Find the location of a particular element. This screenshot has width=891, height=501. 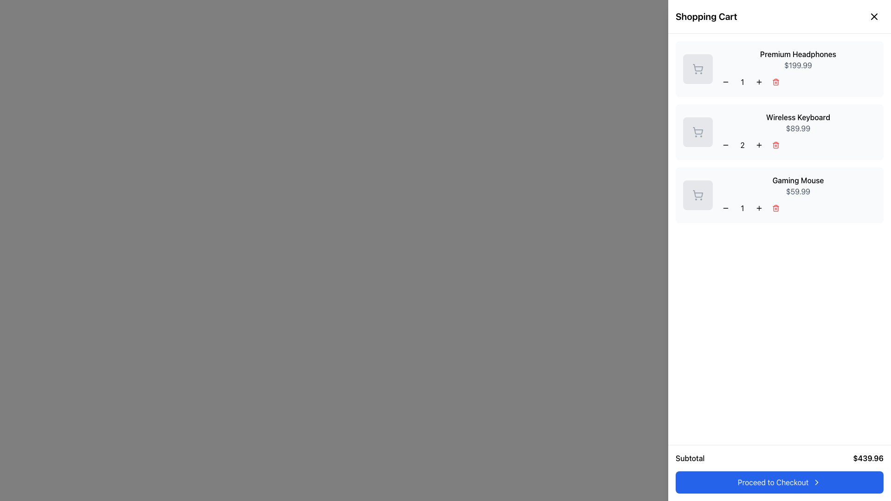

the displayed quantity of the 'Wireless Keyboard' in the shopping cart interface, which is represented by a Text label located centrally in the row of quantity adjustment controls is located at coordinates (797, 145).